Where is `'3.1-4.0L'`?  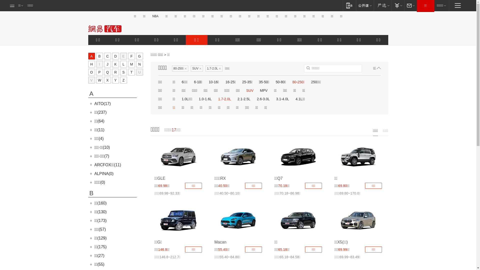 '3.1-4.0L' is located at coordinates (282, 99).